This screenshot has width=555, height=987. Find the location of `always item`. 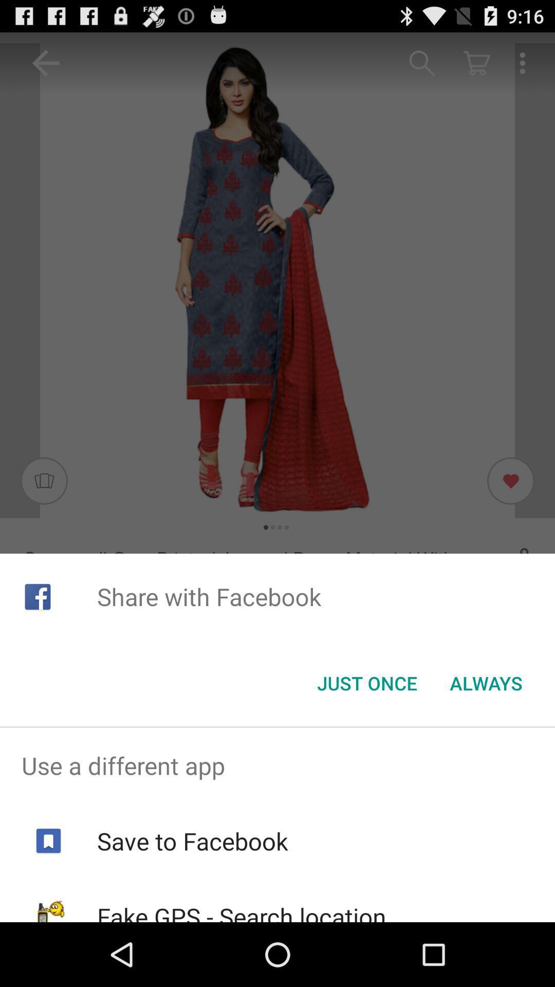

always item is located at coordinates (486, 683).